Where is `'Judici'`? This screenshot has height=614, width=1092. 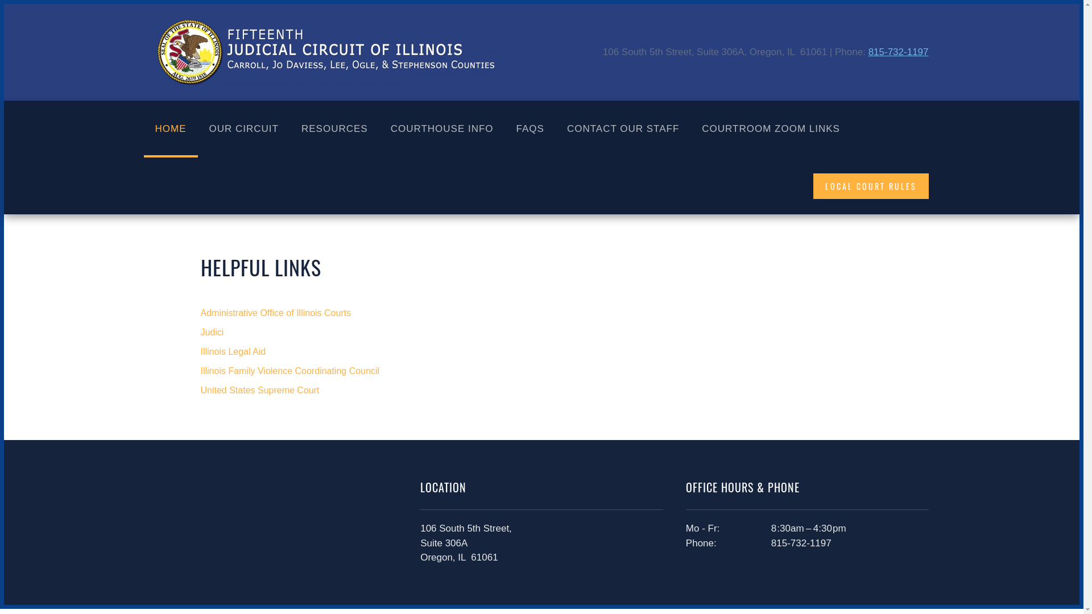
'Judici' is located at coordinates (540, 333).